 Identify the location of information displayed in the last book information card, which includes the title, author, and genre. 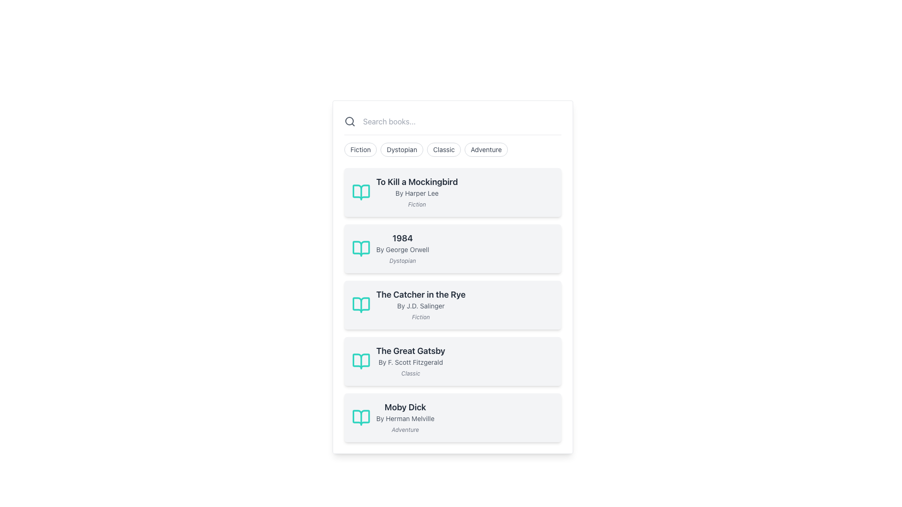
(405, 417).